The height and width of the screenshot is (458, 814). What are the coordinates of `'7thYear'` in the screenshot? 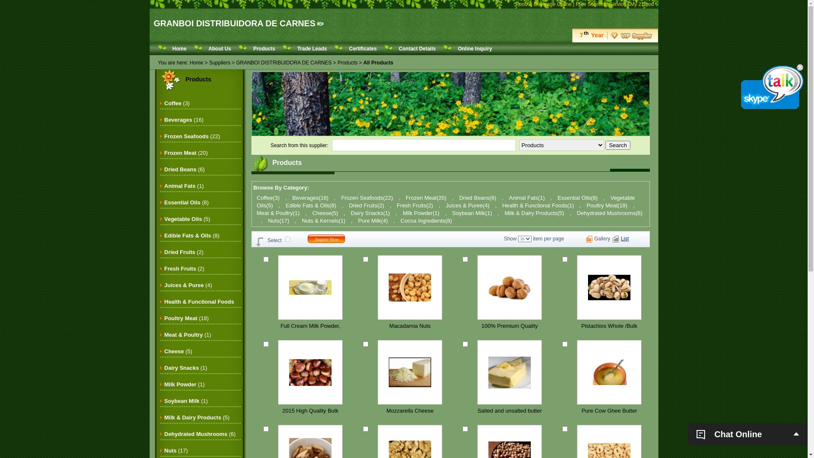 It's located at (614, 35).